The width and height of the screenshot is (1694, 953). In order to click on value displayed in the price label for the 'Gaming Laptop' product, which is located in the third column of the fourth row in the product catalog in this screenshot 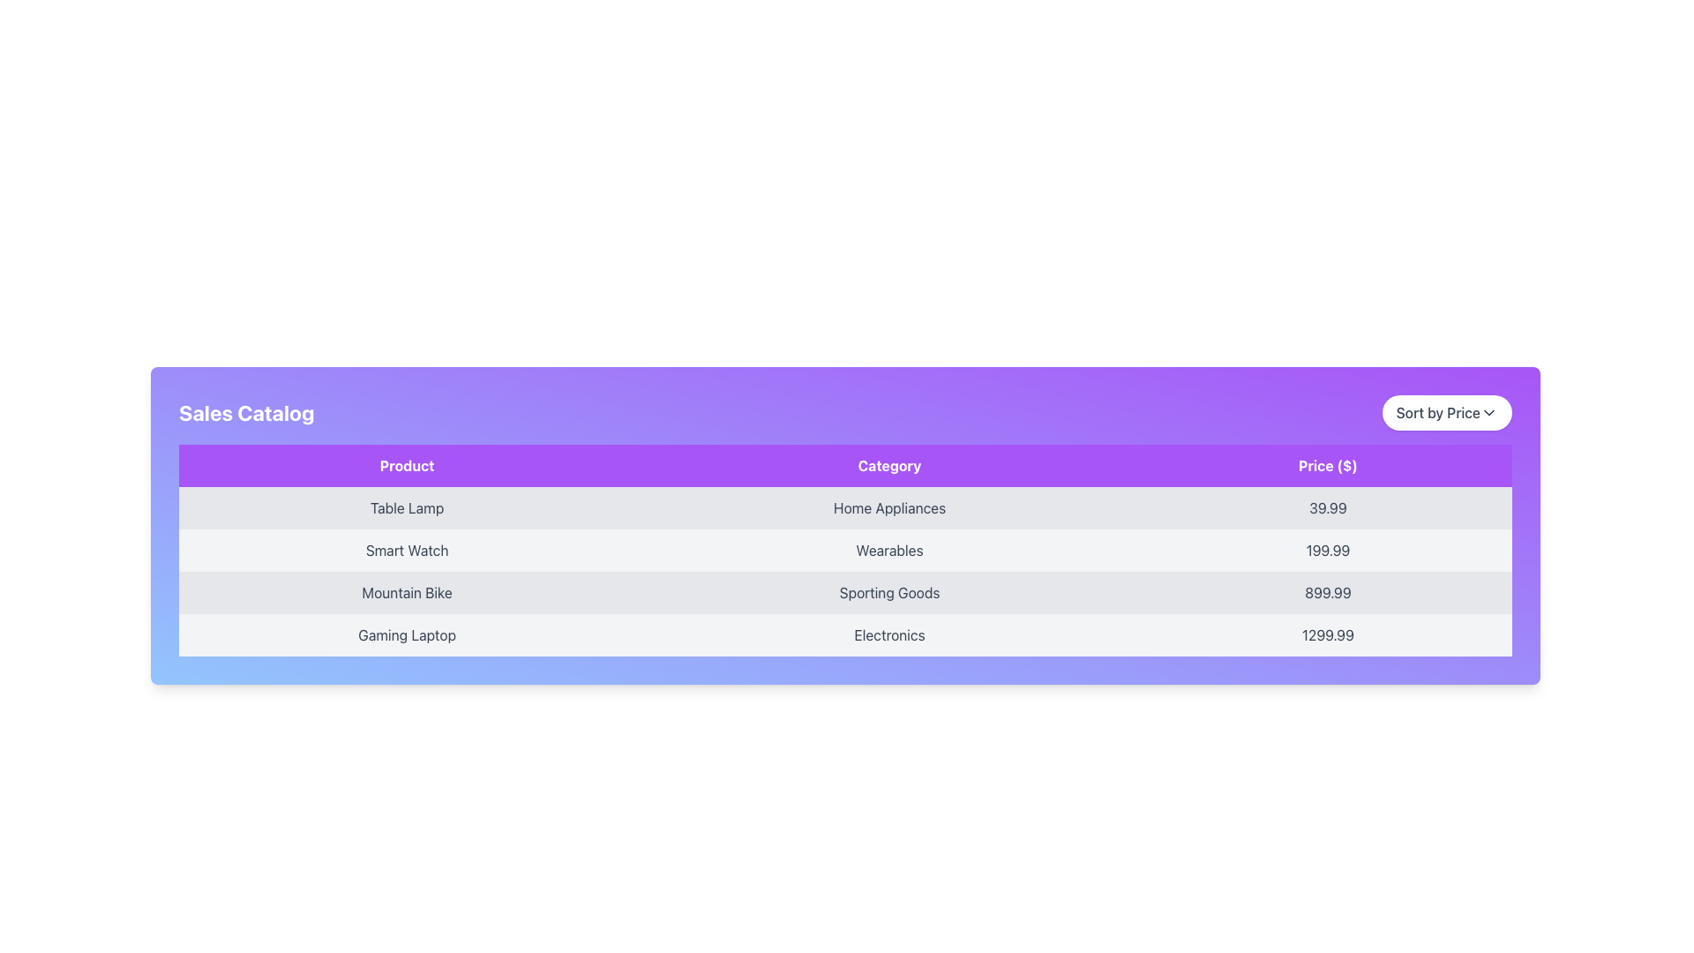, I will do `click(1328, 635)`.